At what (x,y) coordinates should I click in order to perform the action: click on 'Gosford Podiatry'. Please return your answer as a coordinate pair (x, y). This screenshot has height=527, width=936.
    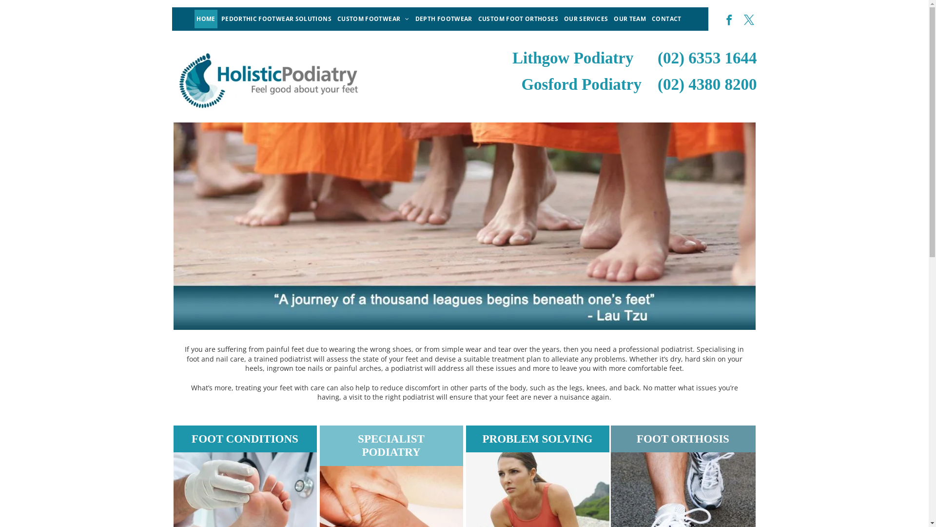
    Looking at the image, I should click on (581, 83).